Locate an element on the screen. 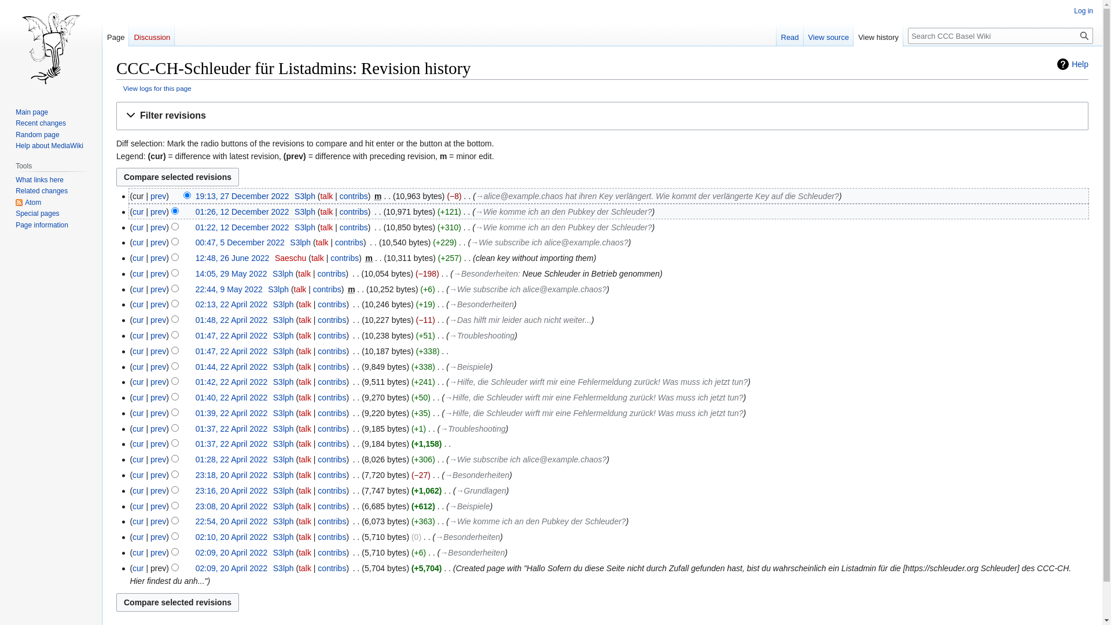 This screenshot has width=1111, height=625. '23:18, 20 April 2022' is located at coordinates (231, 475).